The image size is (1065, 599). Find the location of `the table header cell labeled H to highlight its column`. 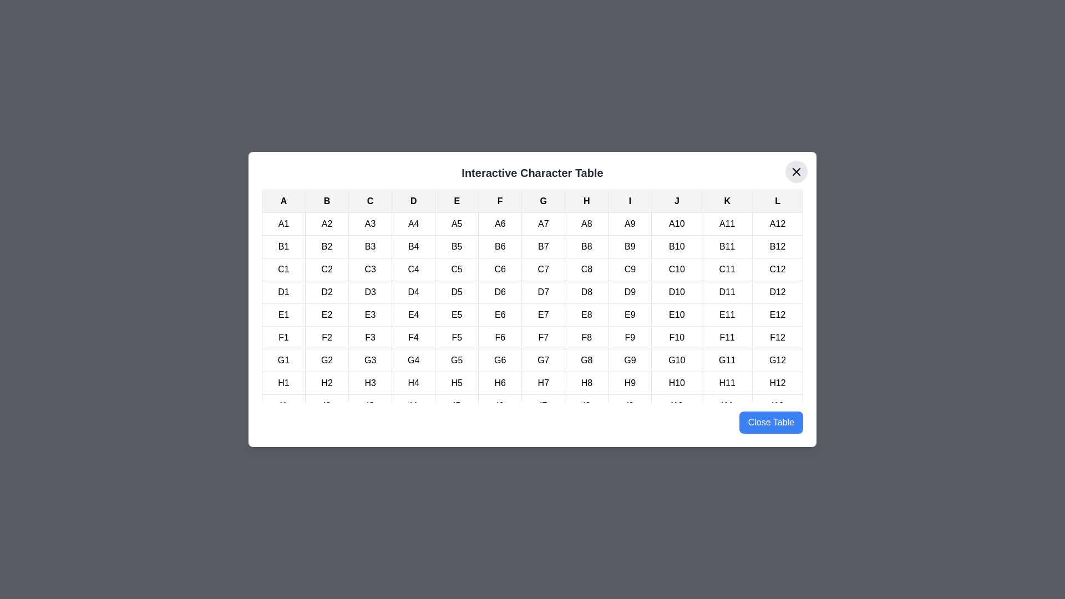

the table header cell labeled H to highlight its column is located at coordinates (586, 201).